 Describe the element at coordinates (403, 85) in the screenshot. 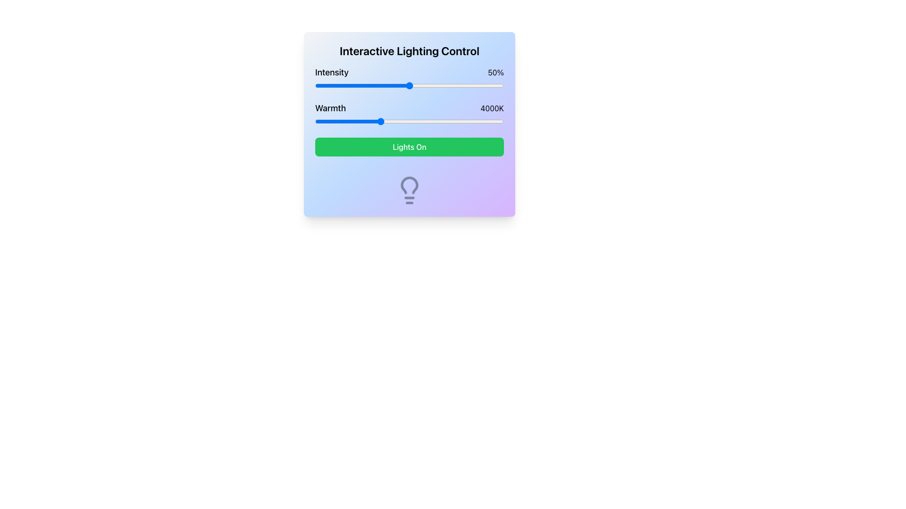

I see `the slider value` at that location.